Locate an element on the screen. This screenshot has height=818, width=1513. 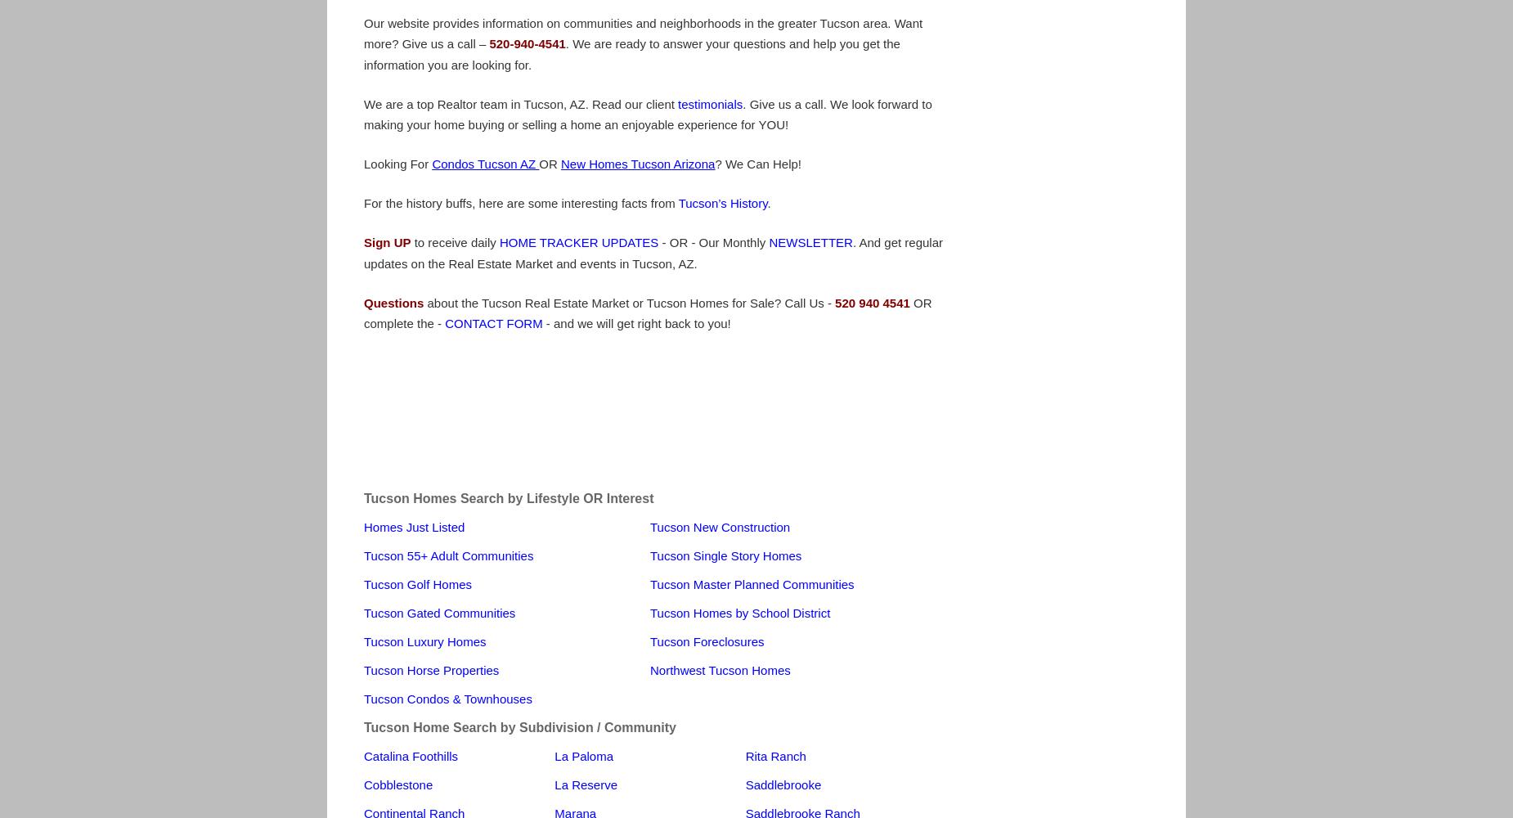
'Tucson Home Search by Subdivision / Community' is located at coordinates (519, 726).